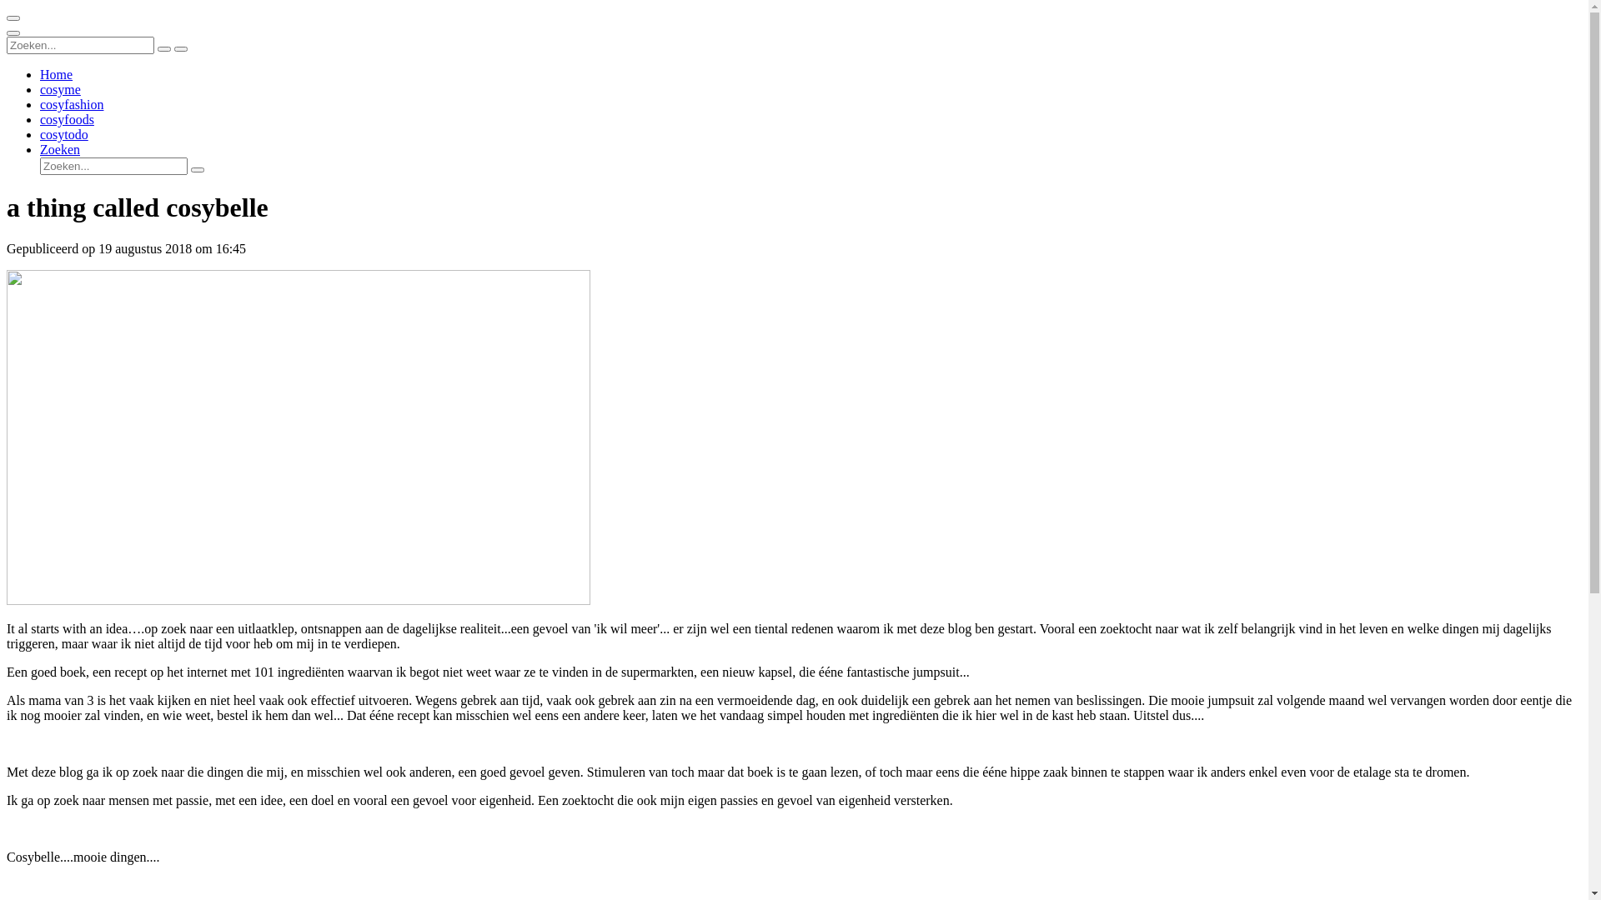 The height and width of the screenshot is (900, 1601). I want to click on 'cosyfoods', so click(67, 118).